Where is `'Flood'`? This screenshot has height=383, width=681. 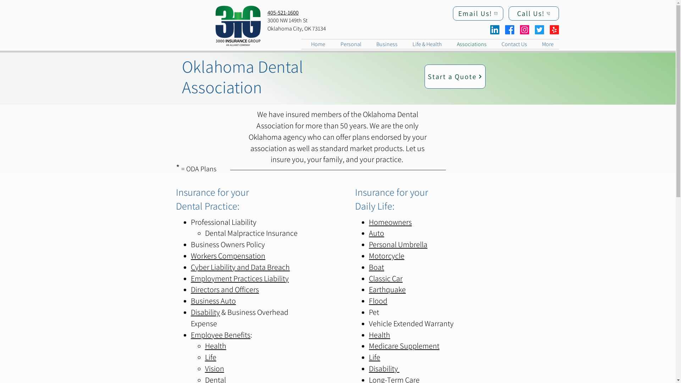
'Flood' is located at coordinates (377, 301).